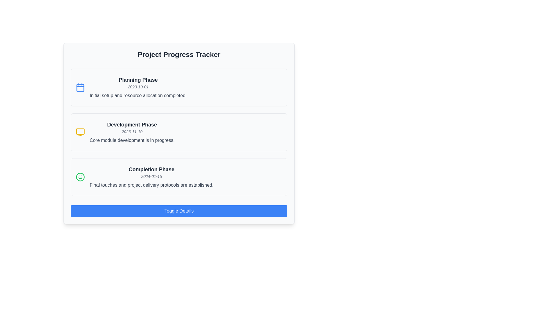  Describe the element at coordinates (132, 132) in the screenshot. I see `the Informational Text Block that indicates the current development phase of a project, located between the 'Planning Phase' above and the 'Completion Phase' below` at that location.